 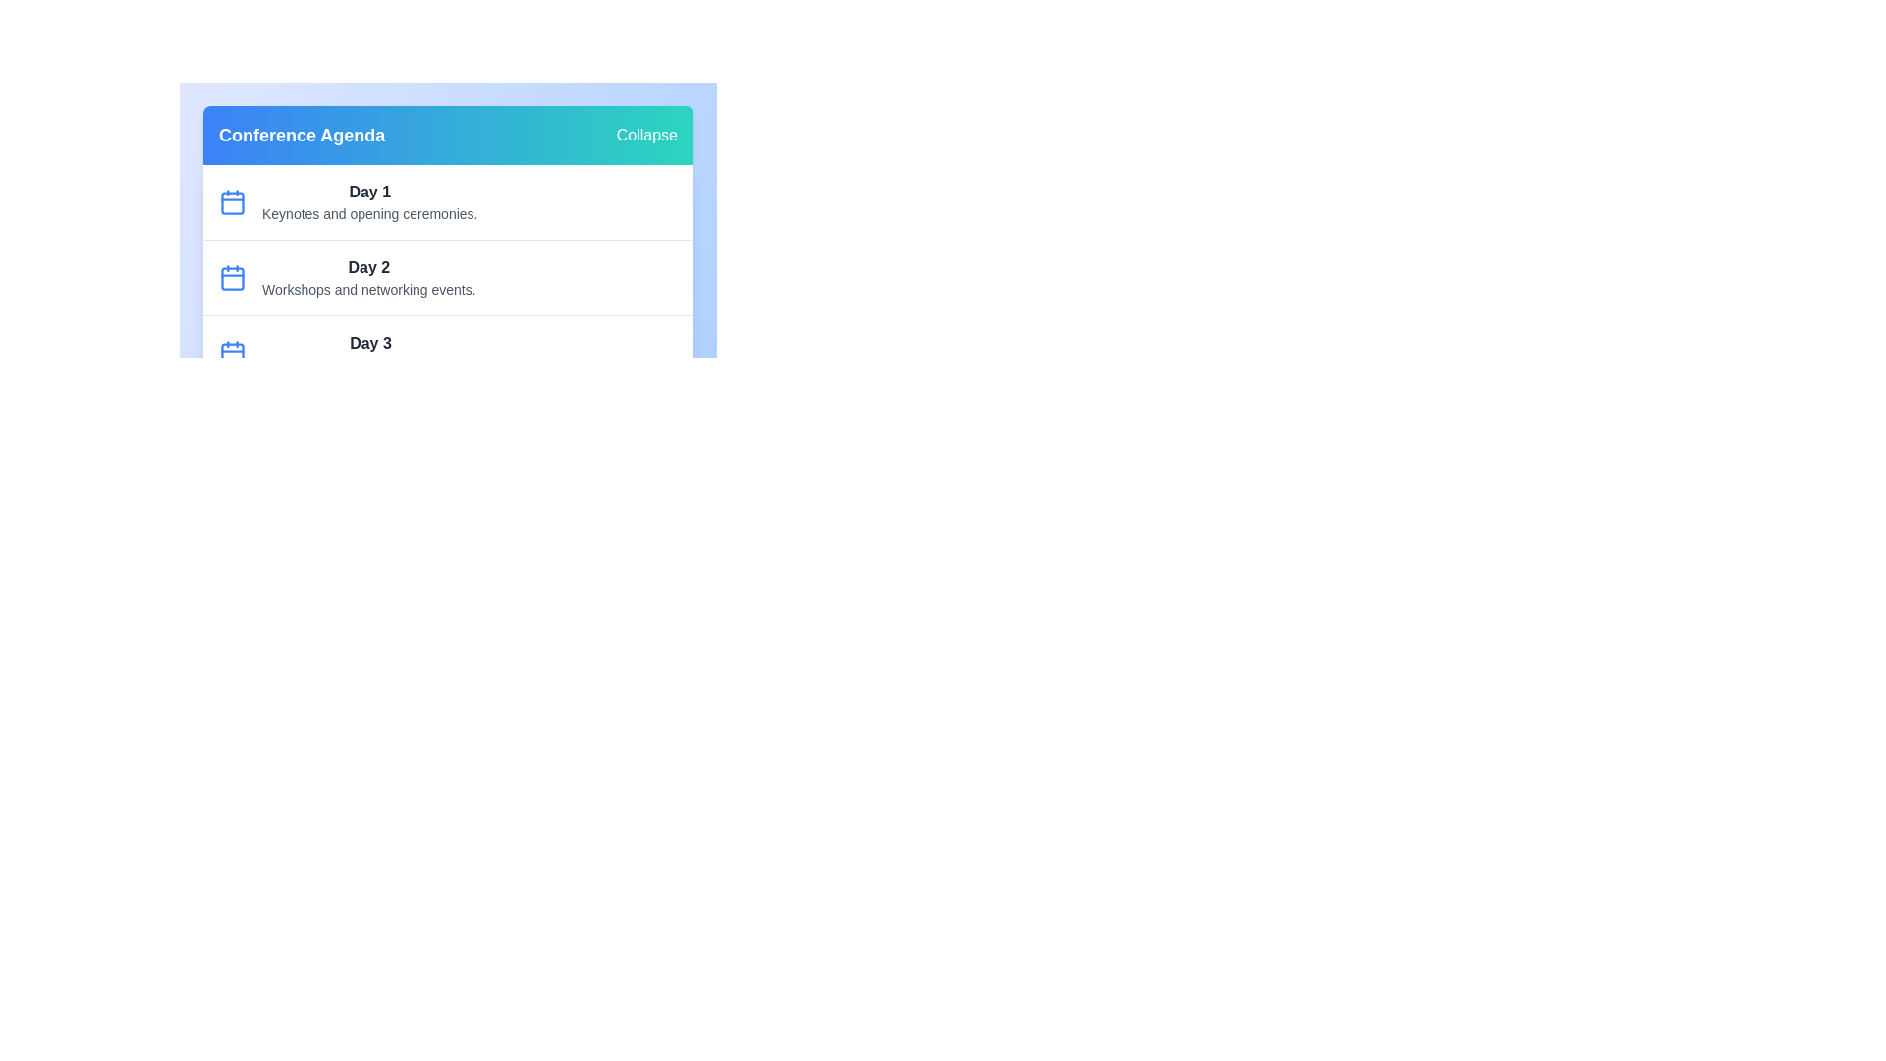 What do you see at coordinates (447, 277) in the screenshot?
I see `the agenda item for Day 2` at bounding box center [447, 277].